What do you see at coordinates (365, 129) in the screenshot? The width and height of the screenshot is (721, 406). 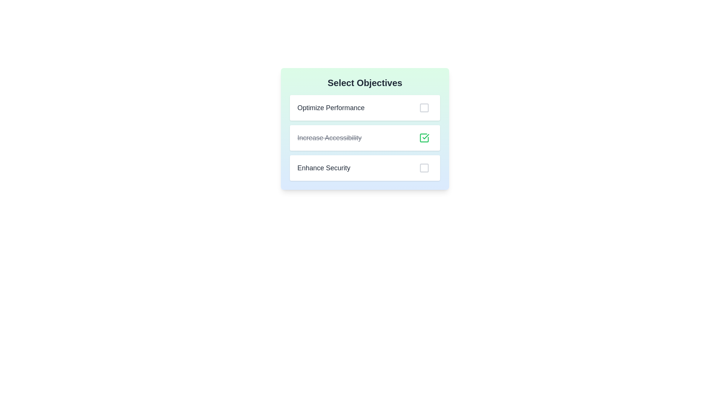 I see `the second option 'Increase Accessibility' in the interactive selection panel with checkboxes` at bounding box center [365, 129].